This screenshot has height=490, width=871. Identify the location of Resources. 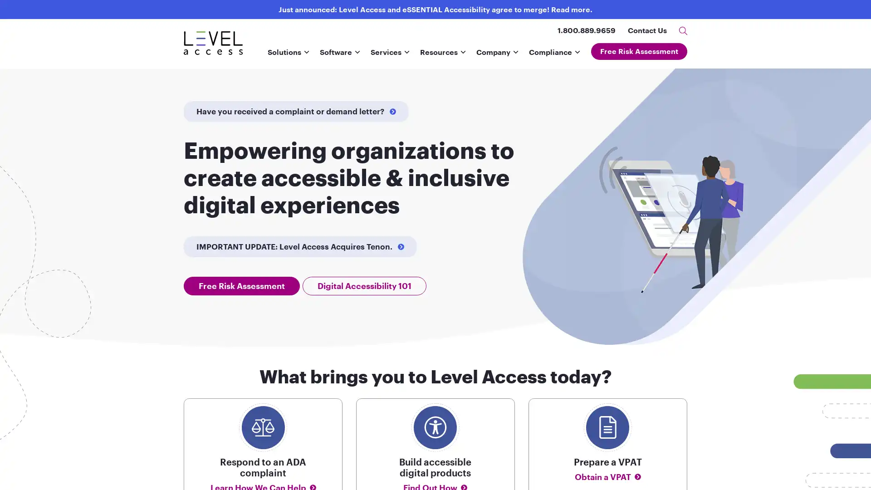
(442, 55).